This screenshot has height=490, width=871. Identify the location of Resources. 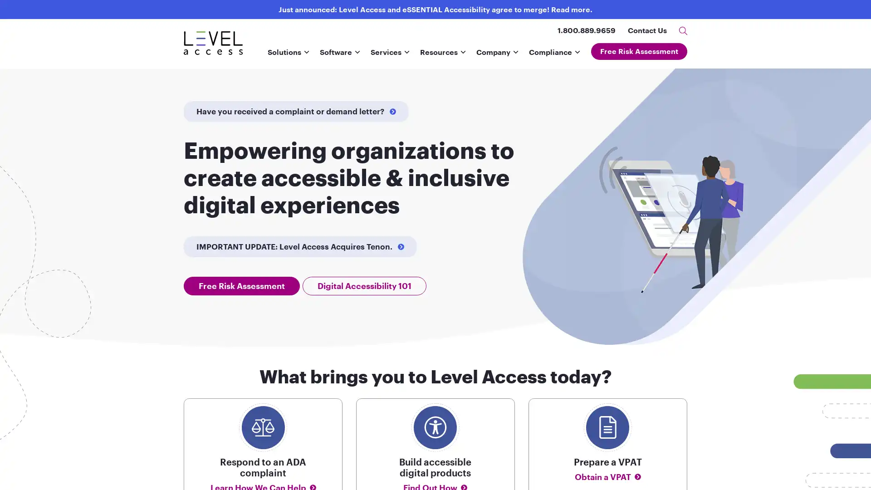
(442, 55).